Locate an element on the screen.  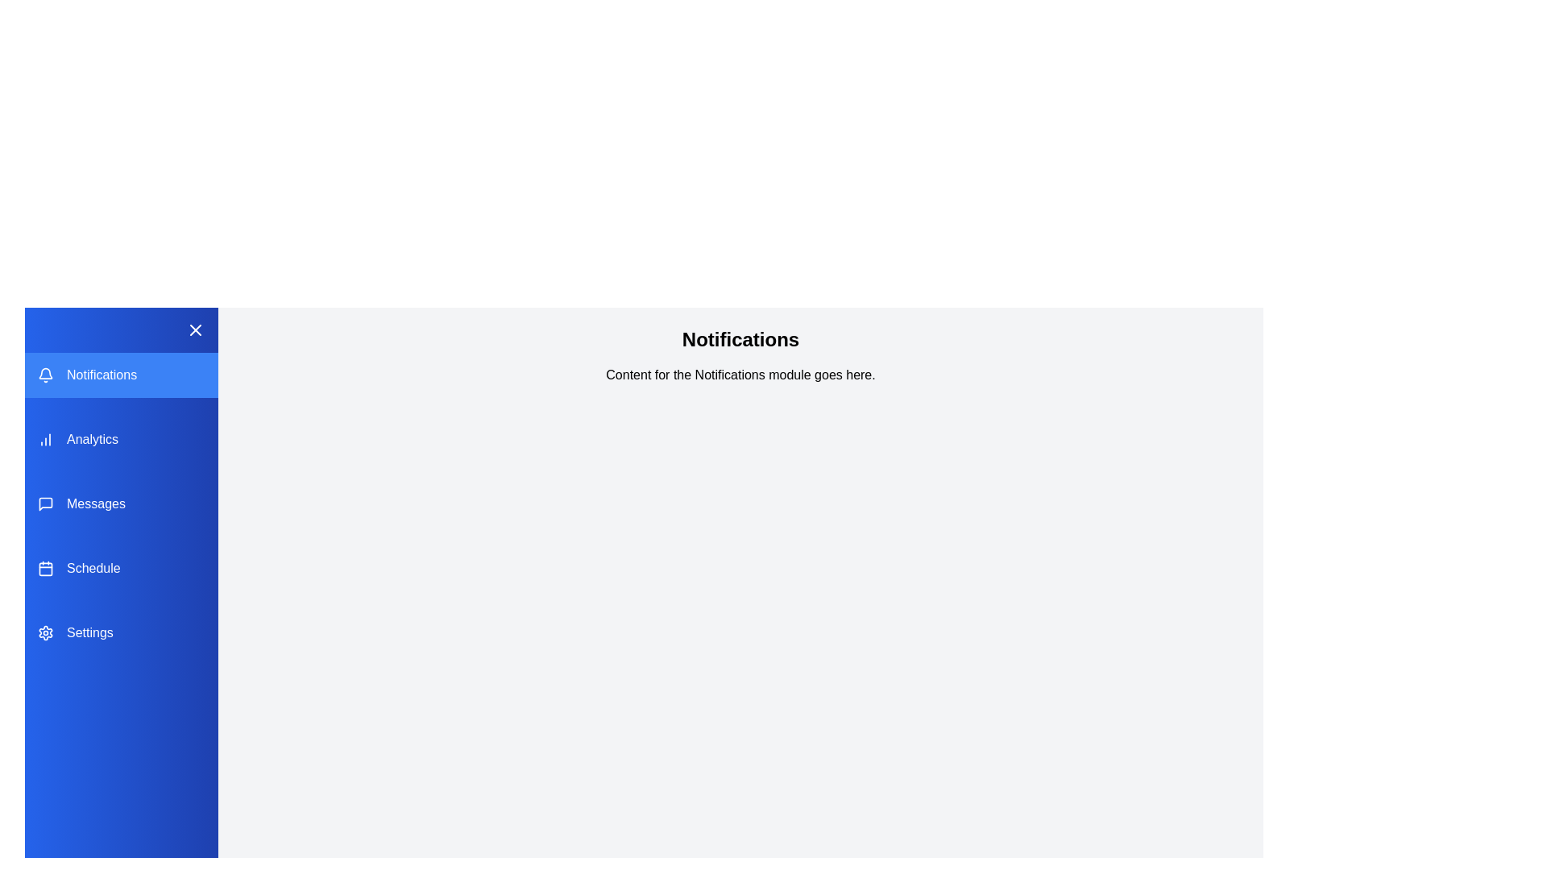
the close button in the sidebar to toggle its visibility is located at coordinates (195, 329).